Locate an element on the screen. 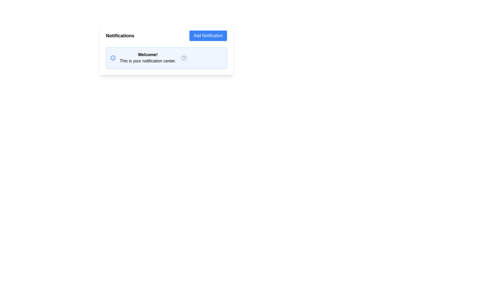 Image resolution: width=501 pixels, height=282 pixels. welcome message in the text block located in the center-right section of the notifications card, adjacent to the 'Add Notification' button and the blue 'info' icon is located at coordinates (147, 58).